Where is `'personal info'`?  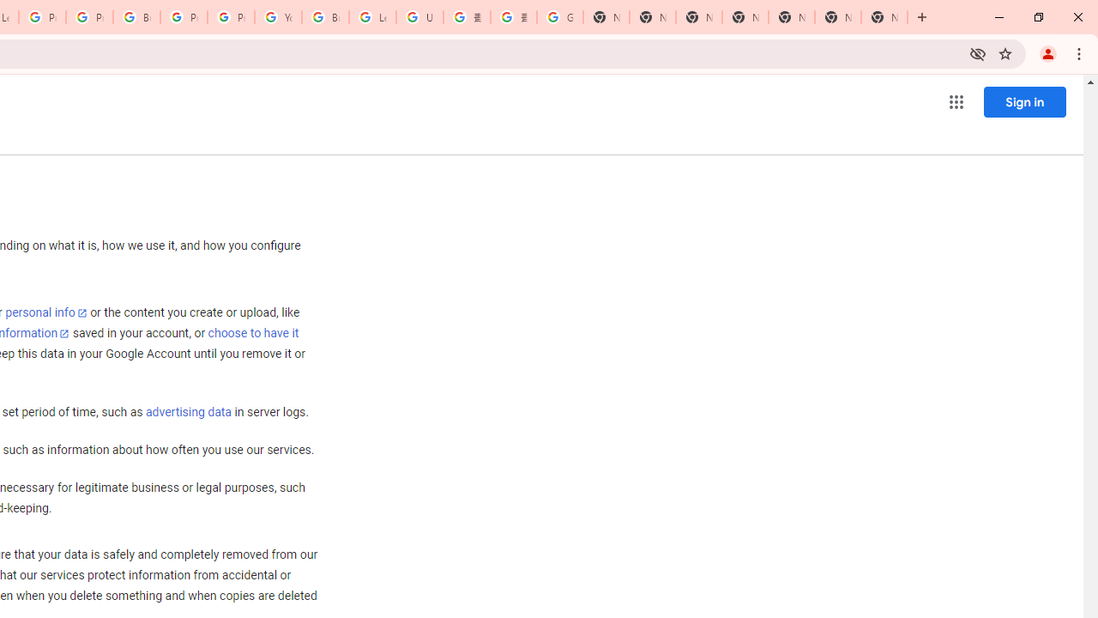
'personal info' is located at coordinates (46, 312).